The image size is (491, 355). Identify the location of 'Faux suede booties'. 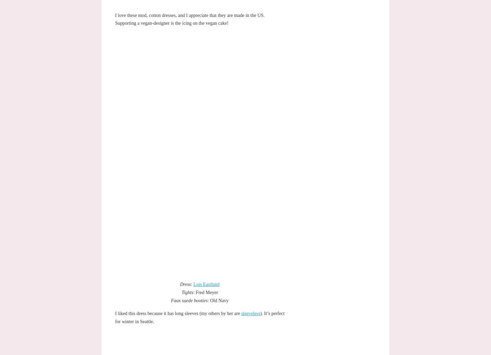
(171, 300).